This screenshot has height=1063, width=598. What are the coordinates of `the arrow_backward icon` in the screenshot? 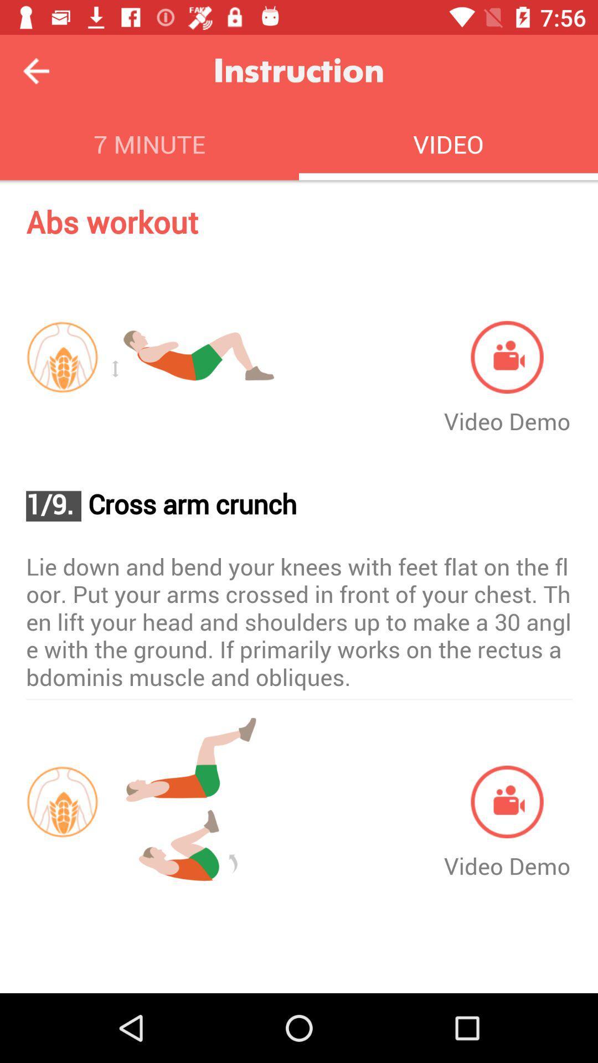 It's located at (35, 70).